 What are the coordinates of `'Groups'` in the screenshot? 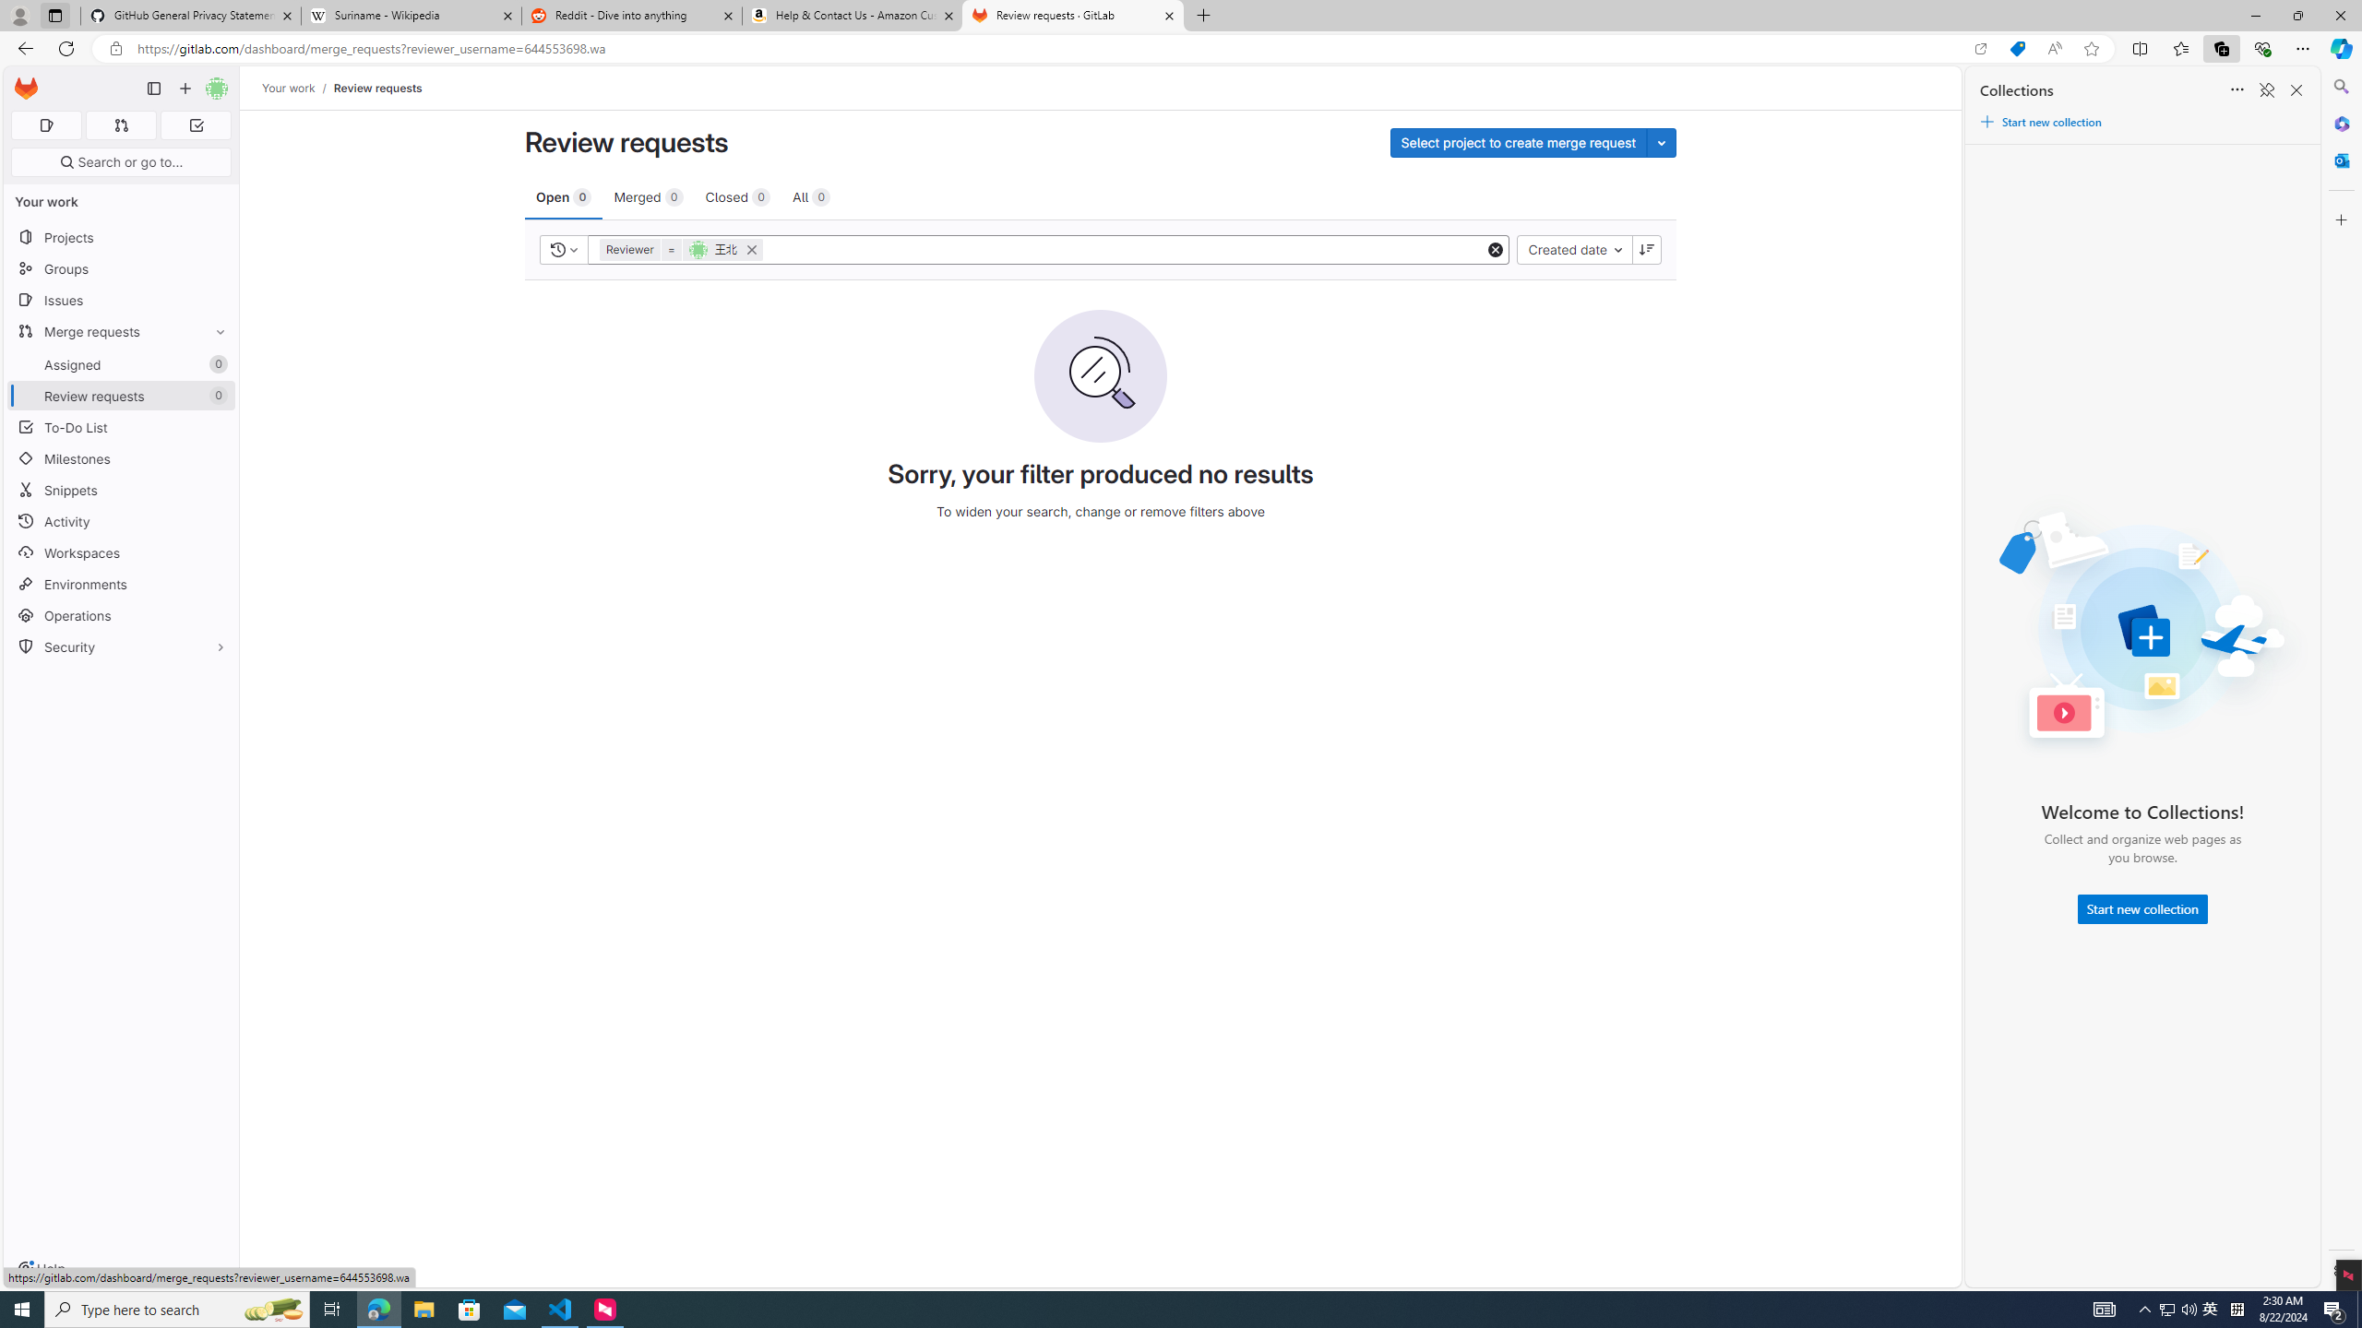 It's located at (120, 268).